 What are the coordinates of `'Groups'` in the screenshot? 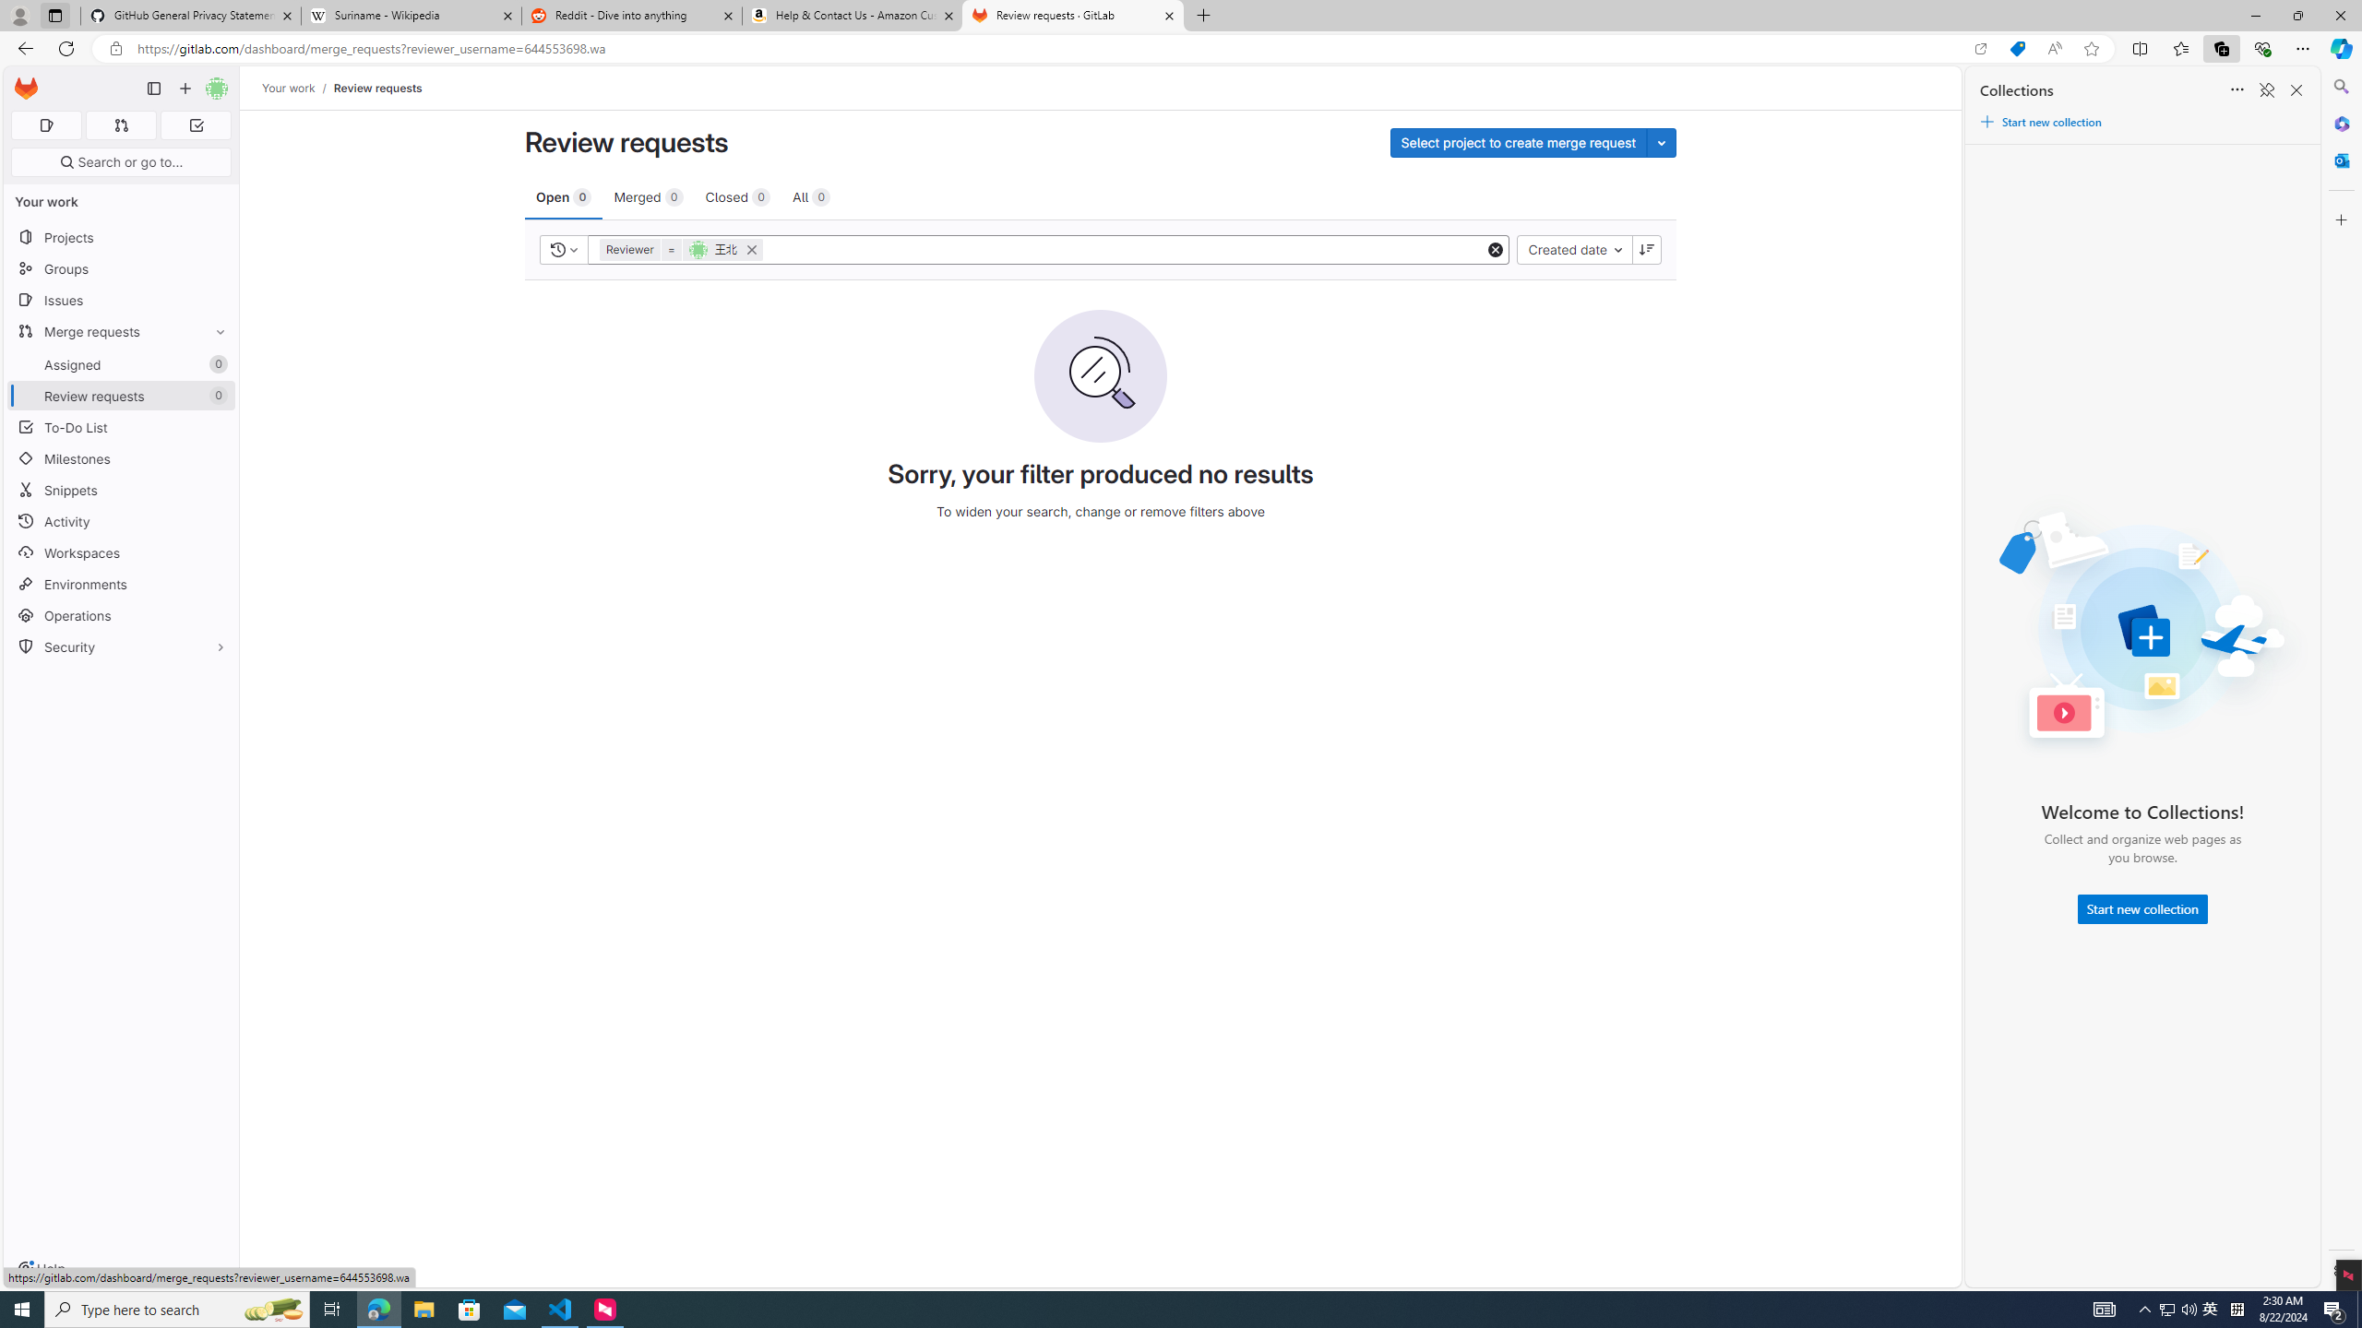 It's located at (120, 268).